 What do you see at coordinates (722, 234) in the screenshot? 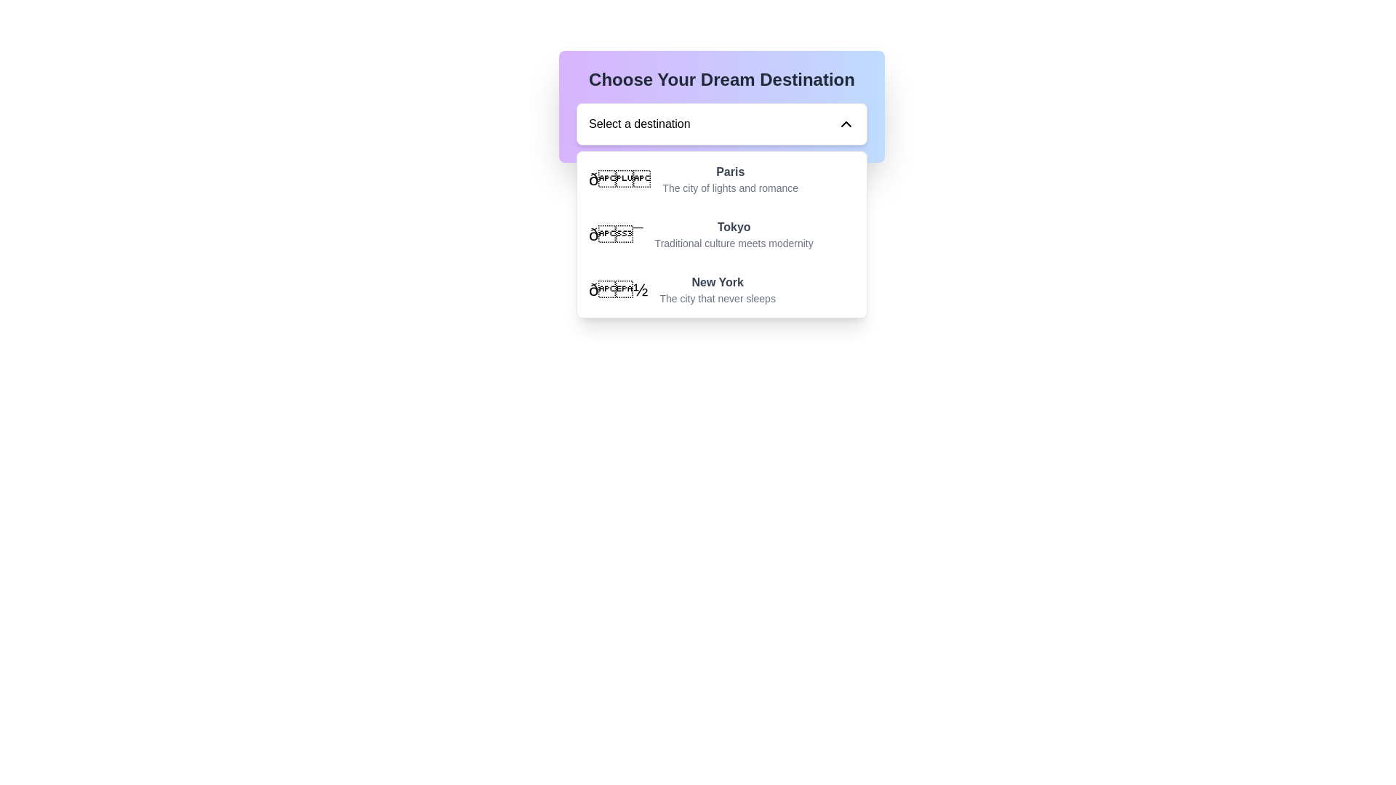
I see `the selectable list item labeled 'Tokyo' in the dropdown menu` at bounding box center [722, 234].